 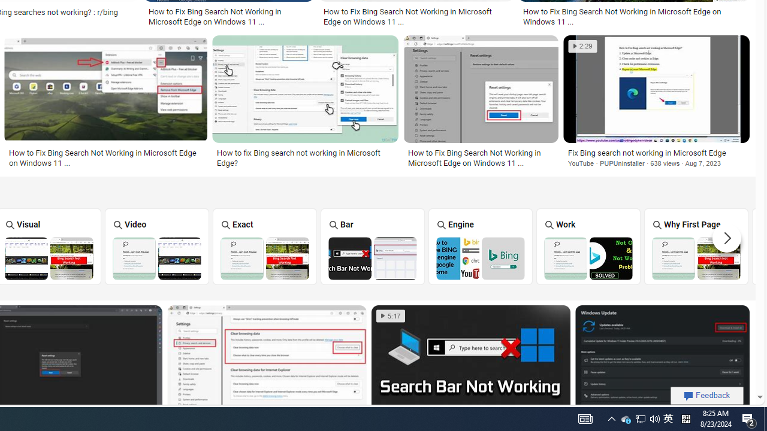 I want to click on 'Why First Page of Bing Search Not Working', so click(x=696, y=257).